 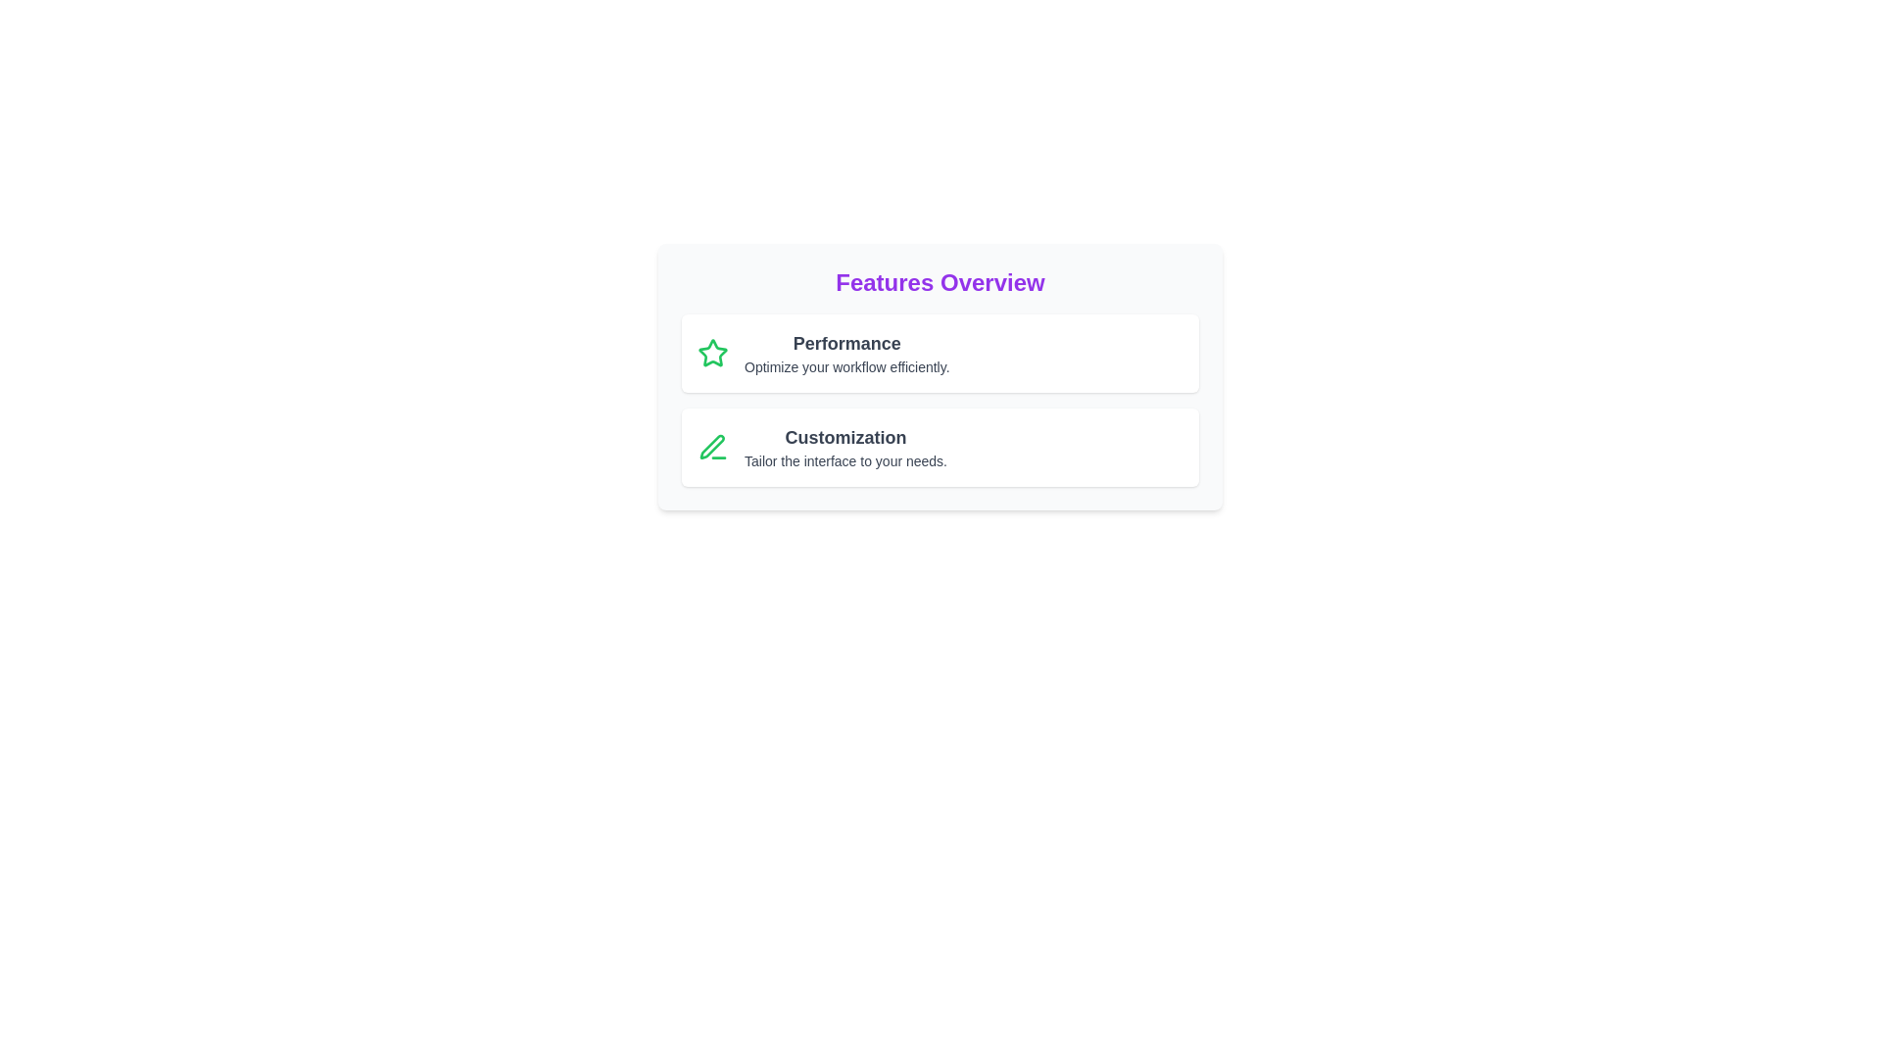 I want to click on the static text element titled 'Customization' which contains the description 'Tailor the interface to your needs.' located in the second row of the features list beneath 'Performance', so click(x=845, y=447).